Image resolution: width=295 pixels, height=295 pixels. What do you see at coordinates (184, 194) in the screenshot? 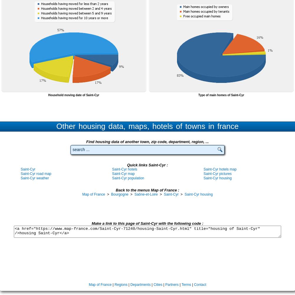
I see `'Saint-Cyr housing'` at bounding box center [184, 194].